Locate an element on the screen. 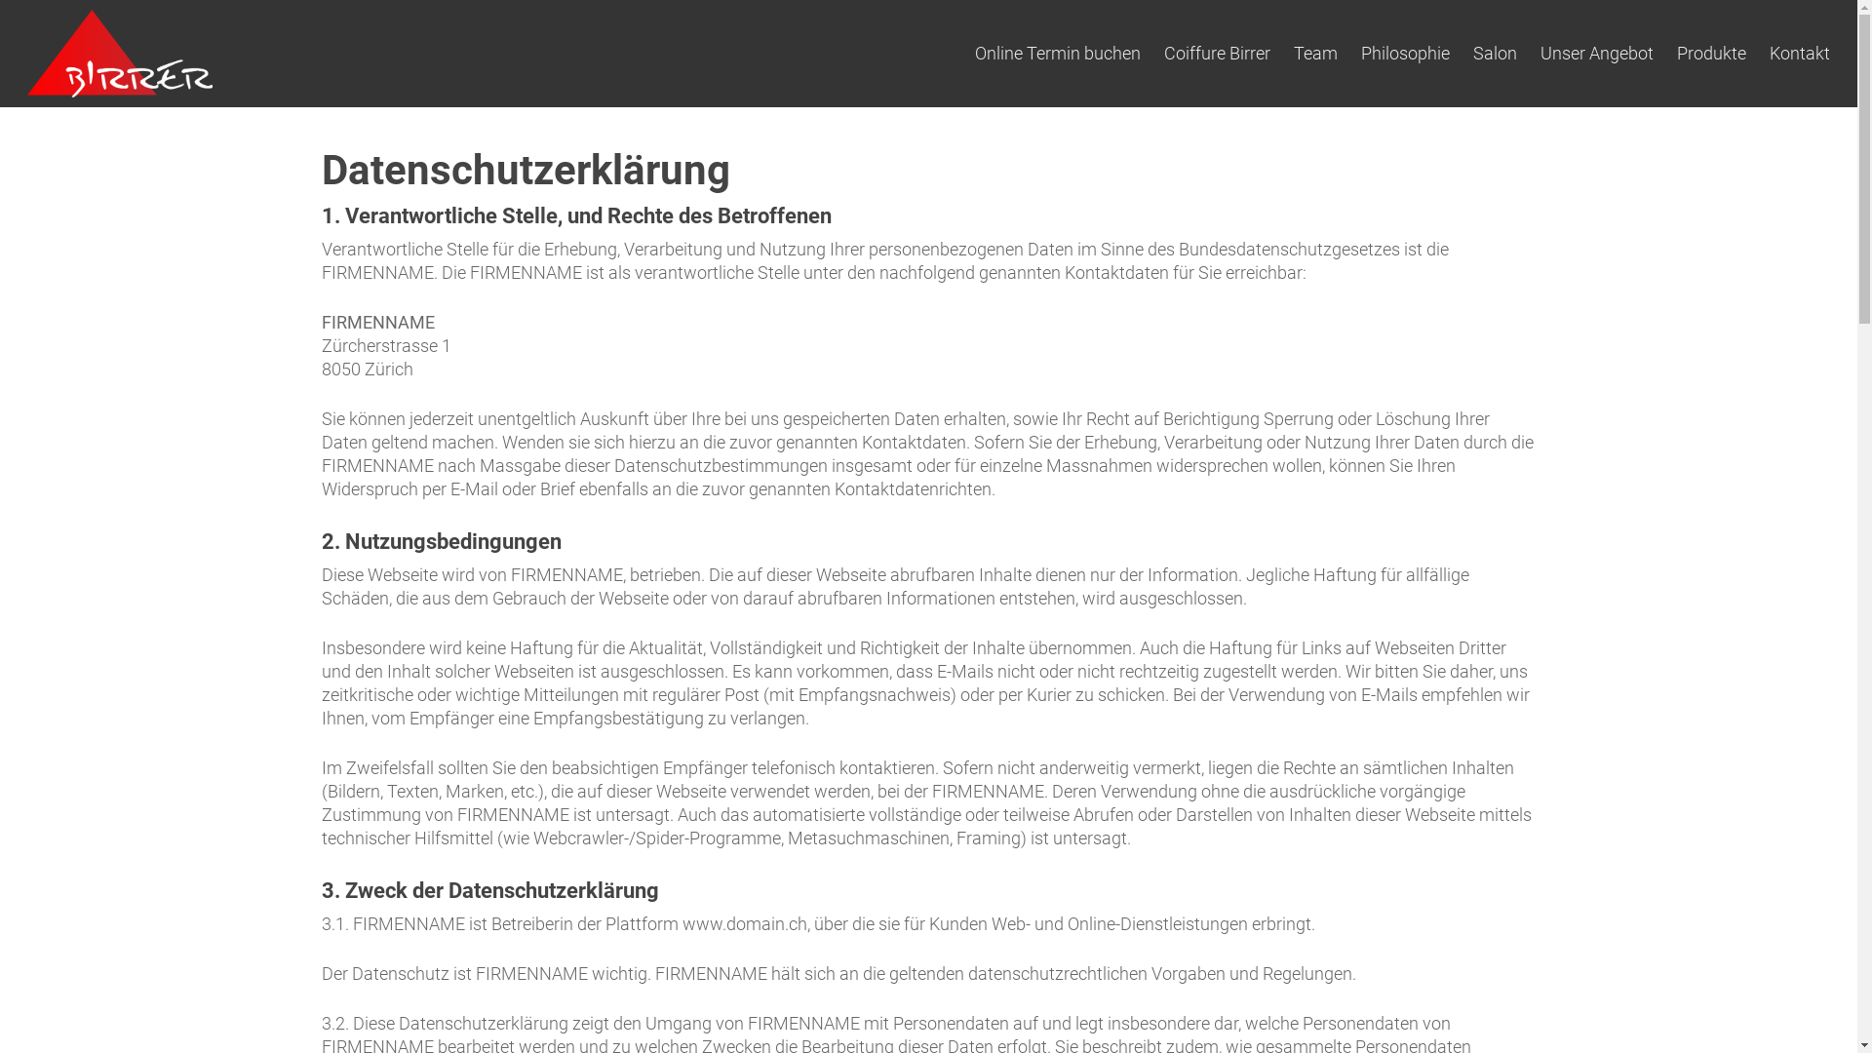 The width and height of the screenshot is (1872, 1053). 'Unser Angebot' is located at coordinates (1596, 52).